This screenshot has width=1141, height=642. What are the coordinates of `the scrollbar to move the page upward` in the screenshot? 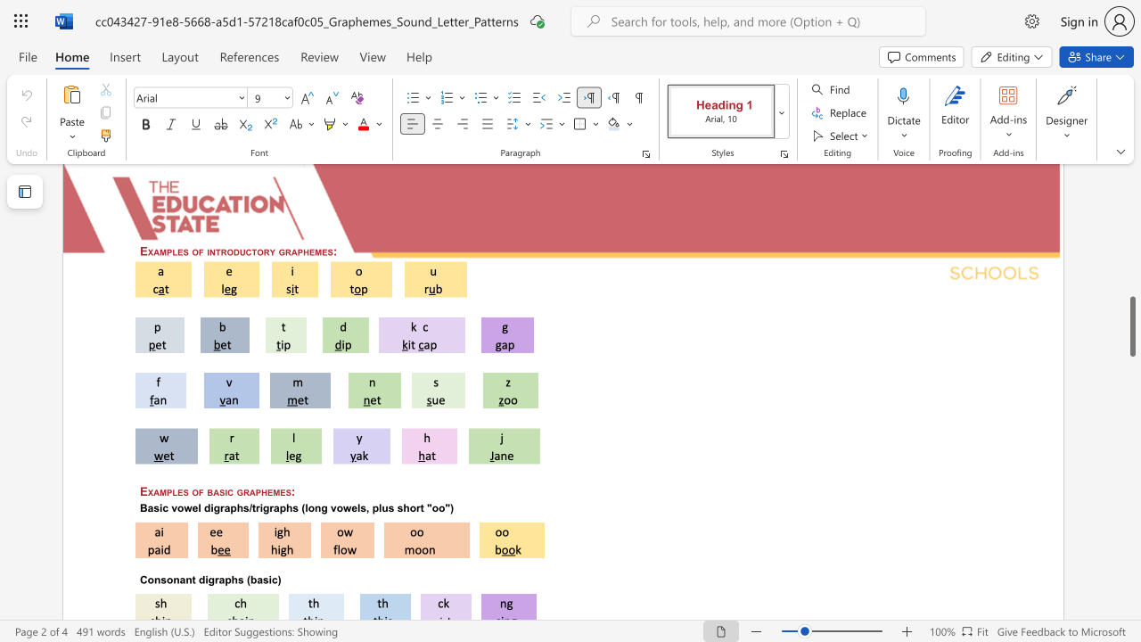 It's located at (1131, 330).